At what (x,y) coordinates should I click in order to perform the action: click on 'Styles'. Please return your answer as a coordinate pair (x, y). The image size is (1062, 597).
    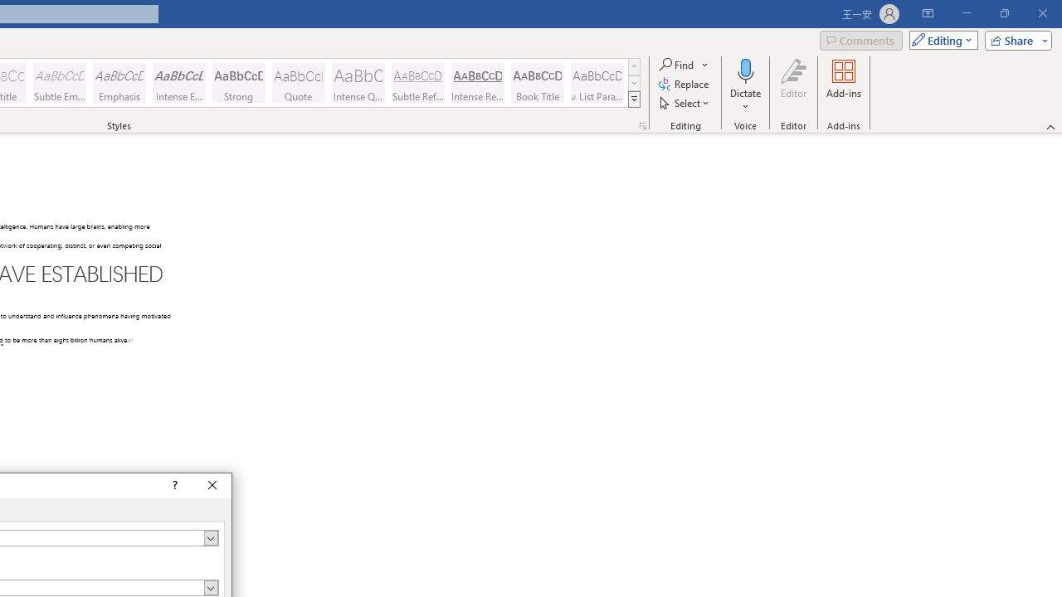
    Looking at the image, I should click on (633, 99).